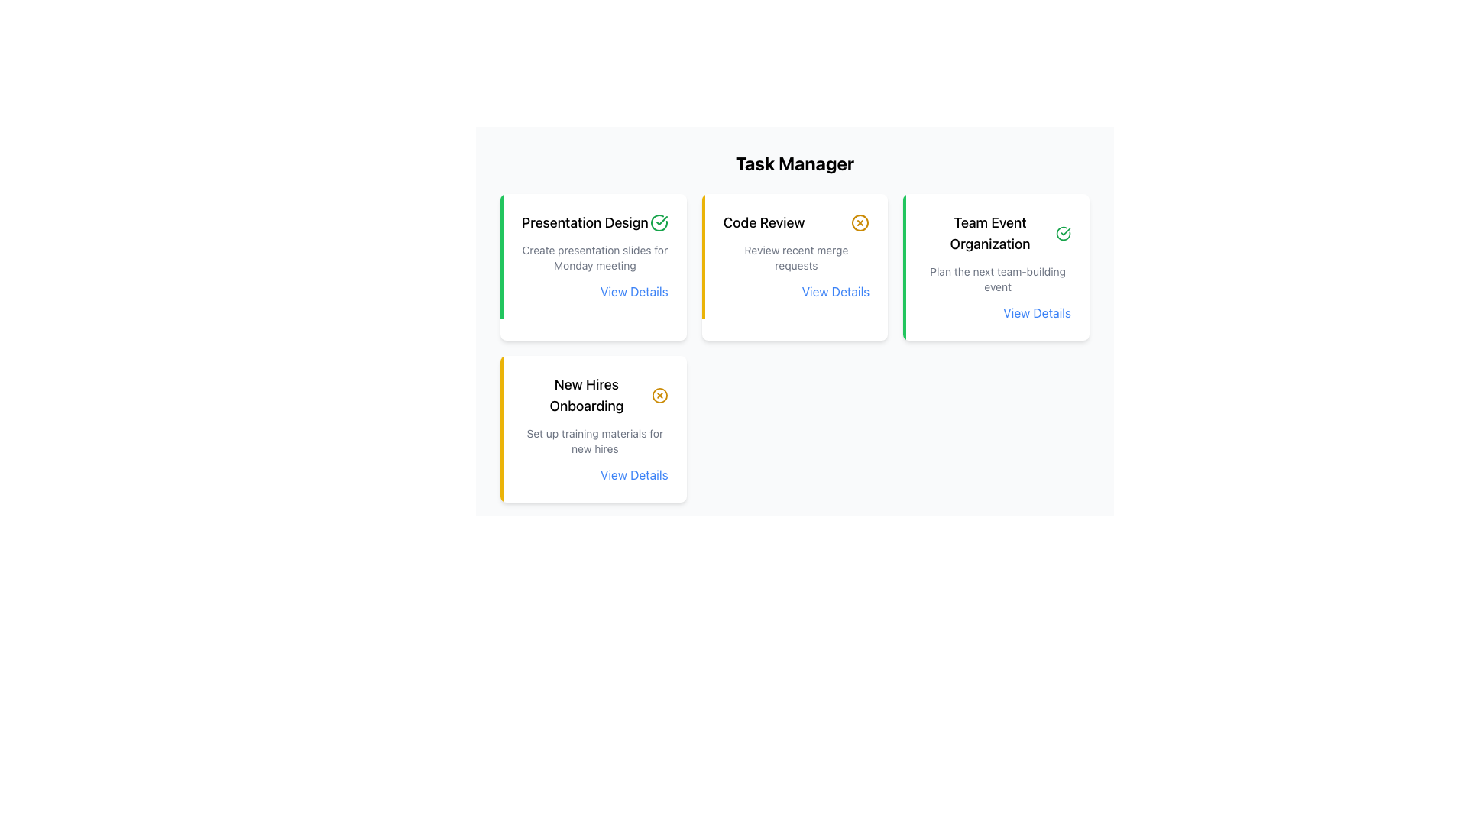  Describe the element at coordinates (659, 394) in the screenshot. I see `the circular outlined icon with a diagonal cross inside, colored yellow, located to the right of the 'New Hires Onboarding' text in the bottom-left segment of the 'Task Manager' interface` at that location.